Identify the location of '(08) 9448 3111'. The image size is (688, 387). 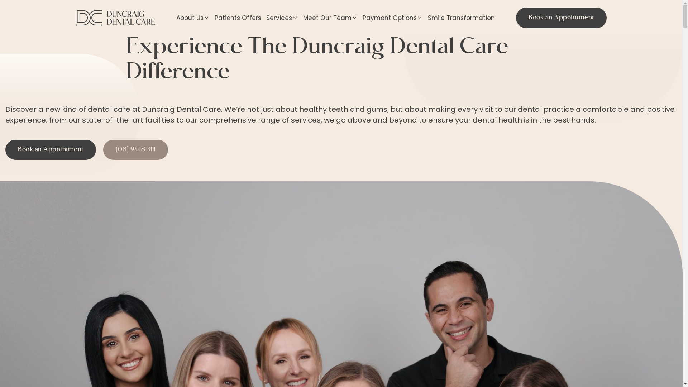
(135, 149).